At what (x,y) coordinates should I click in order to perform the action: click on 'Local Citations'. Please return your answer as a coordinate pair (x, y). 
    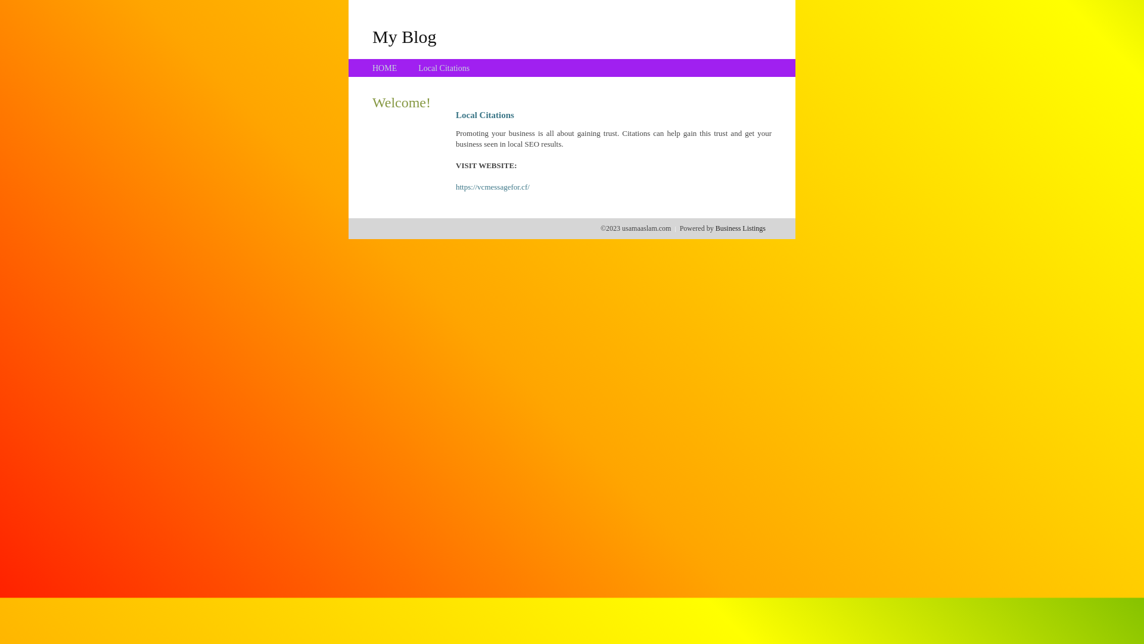
    Looking at the image, I should click on (443, 68).